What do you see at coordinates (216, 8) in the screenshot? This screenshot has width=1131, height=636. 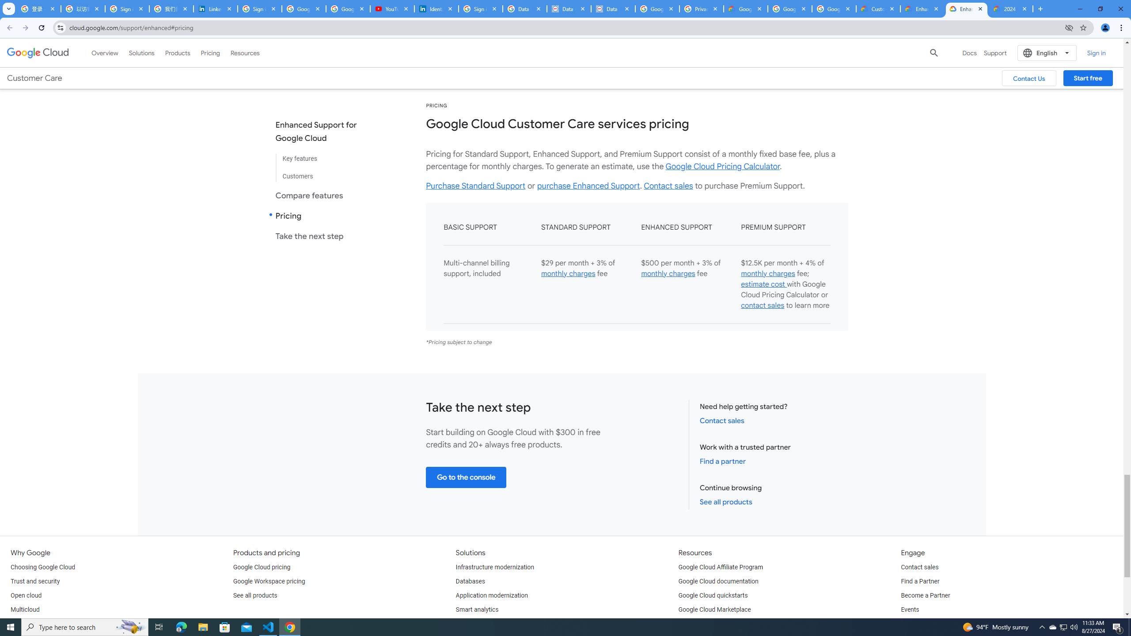 I see `'LinkedIn Privacy Policy'` at bounding box center [216, 8].